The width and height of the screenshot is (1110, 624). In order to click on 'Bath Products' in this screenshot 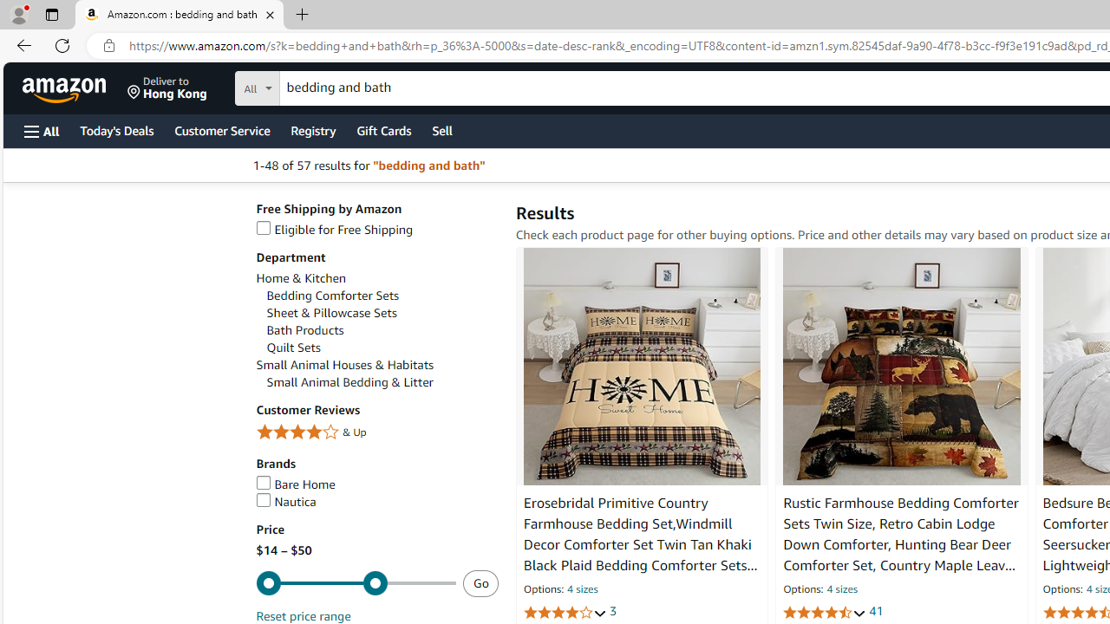, I will do `click(381, 330)`.